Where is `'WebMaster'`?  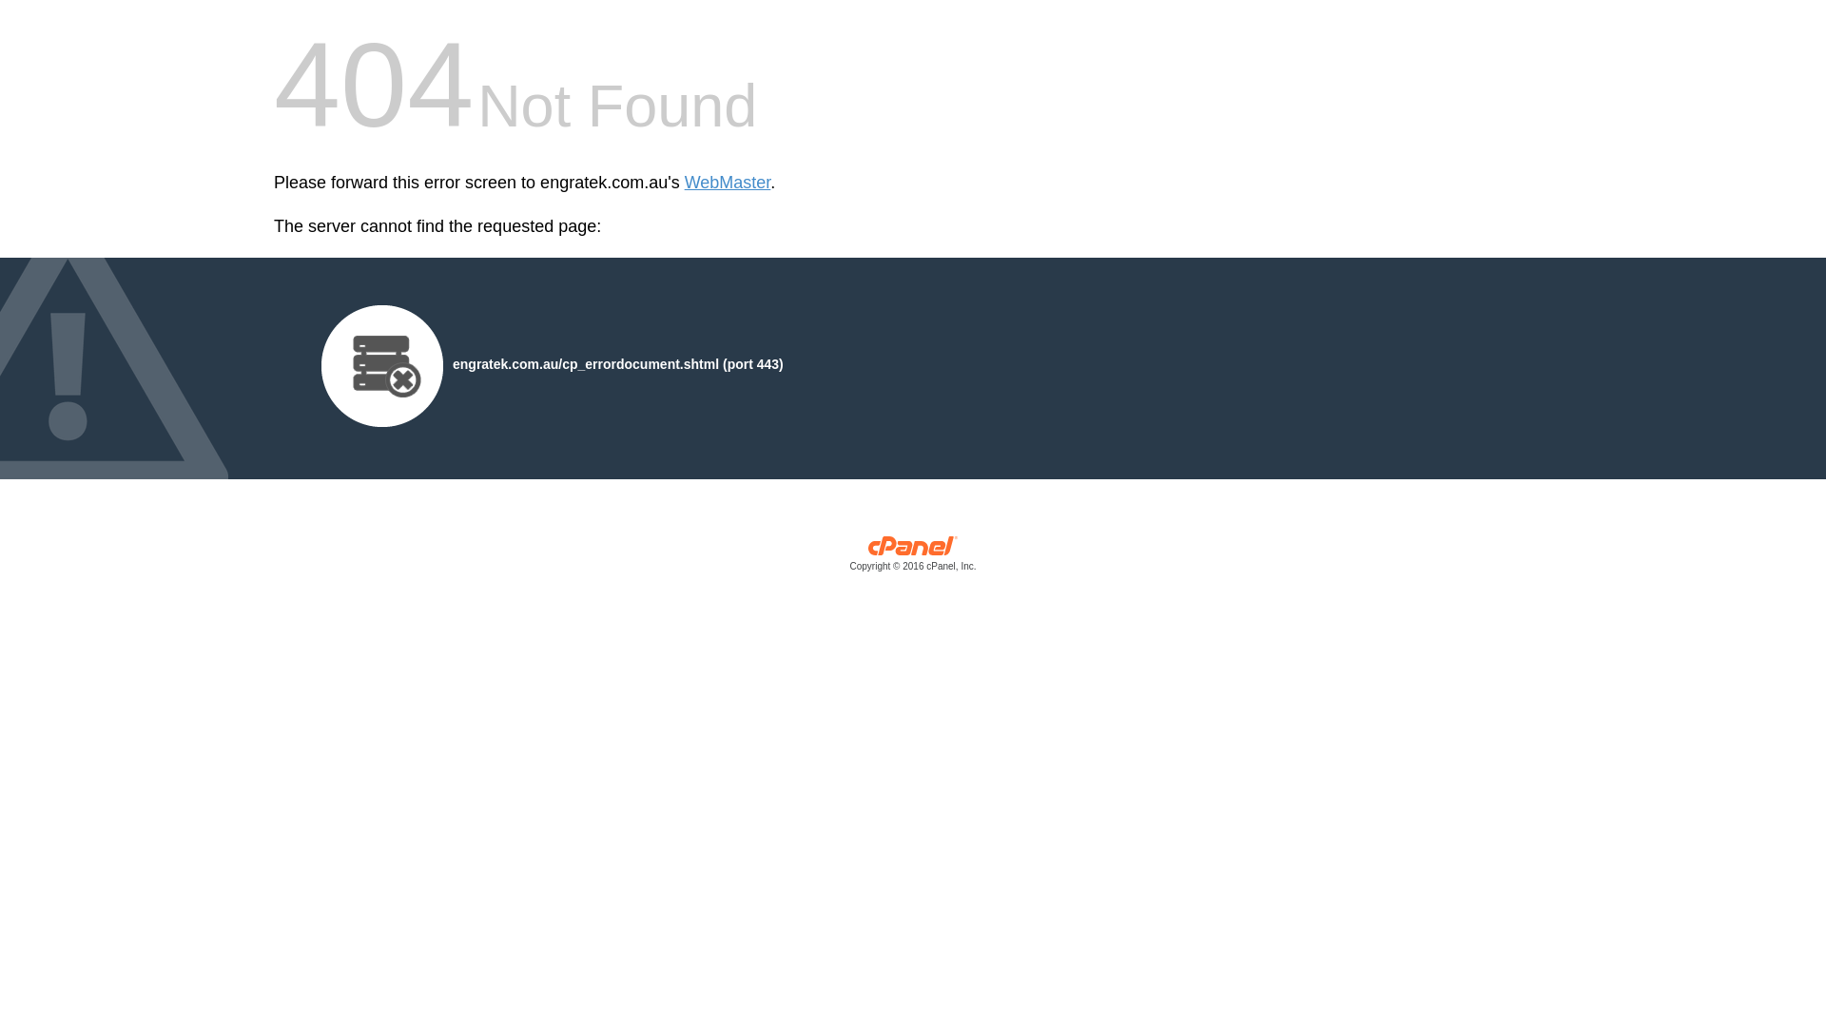
'WebMaster' is located at coordinates (727, 183).